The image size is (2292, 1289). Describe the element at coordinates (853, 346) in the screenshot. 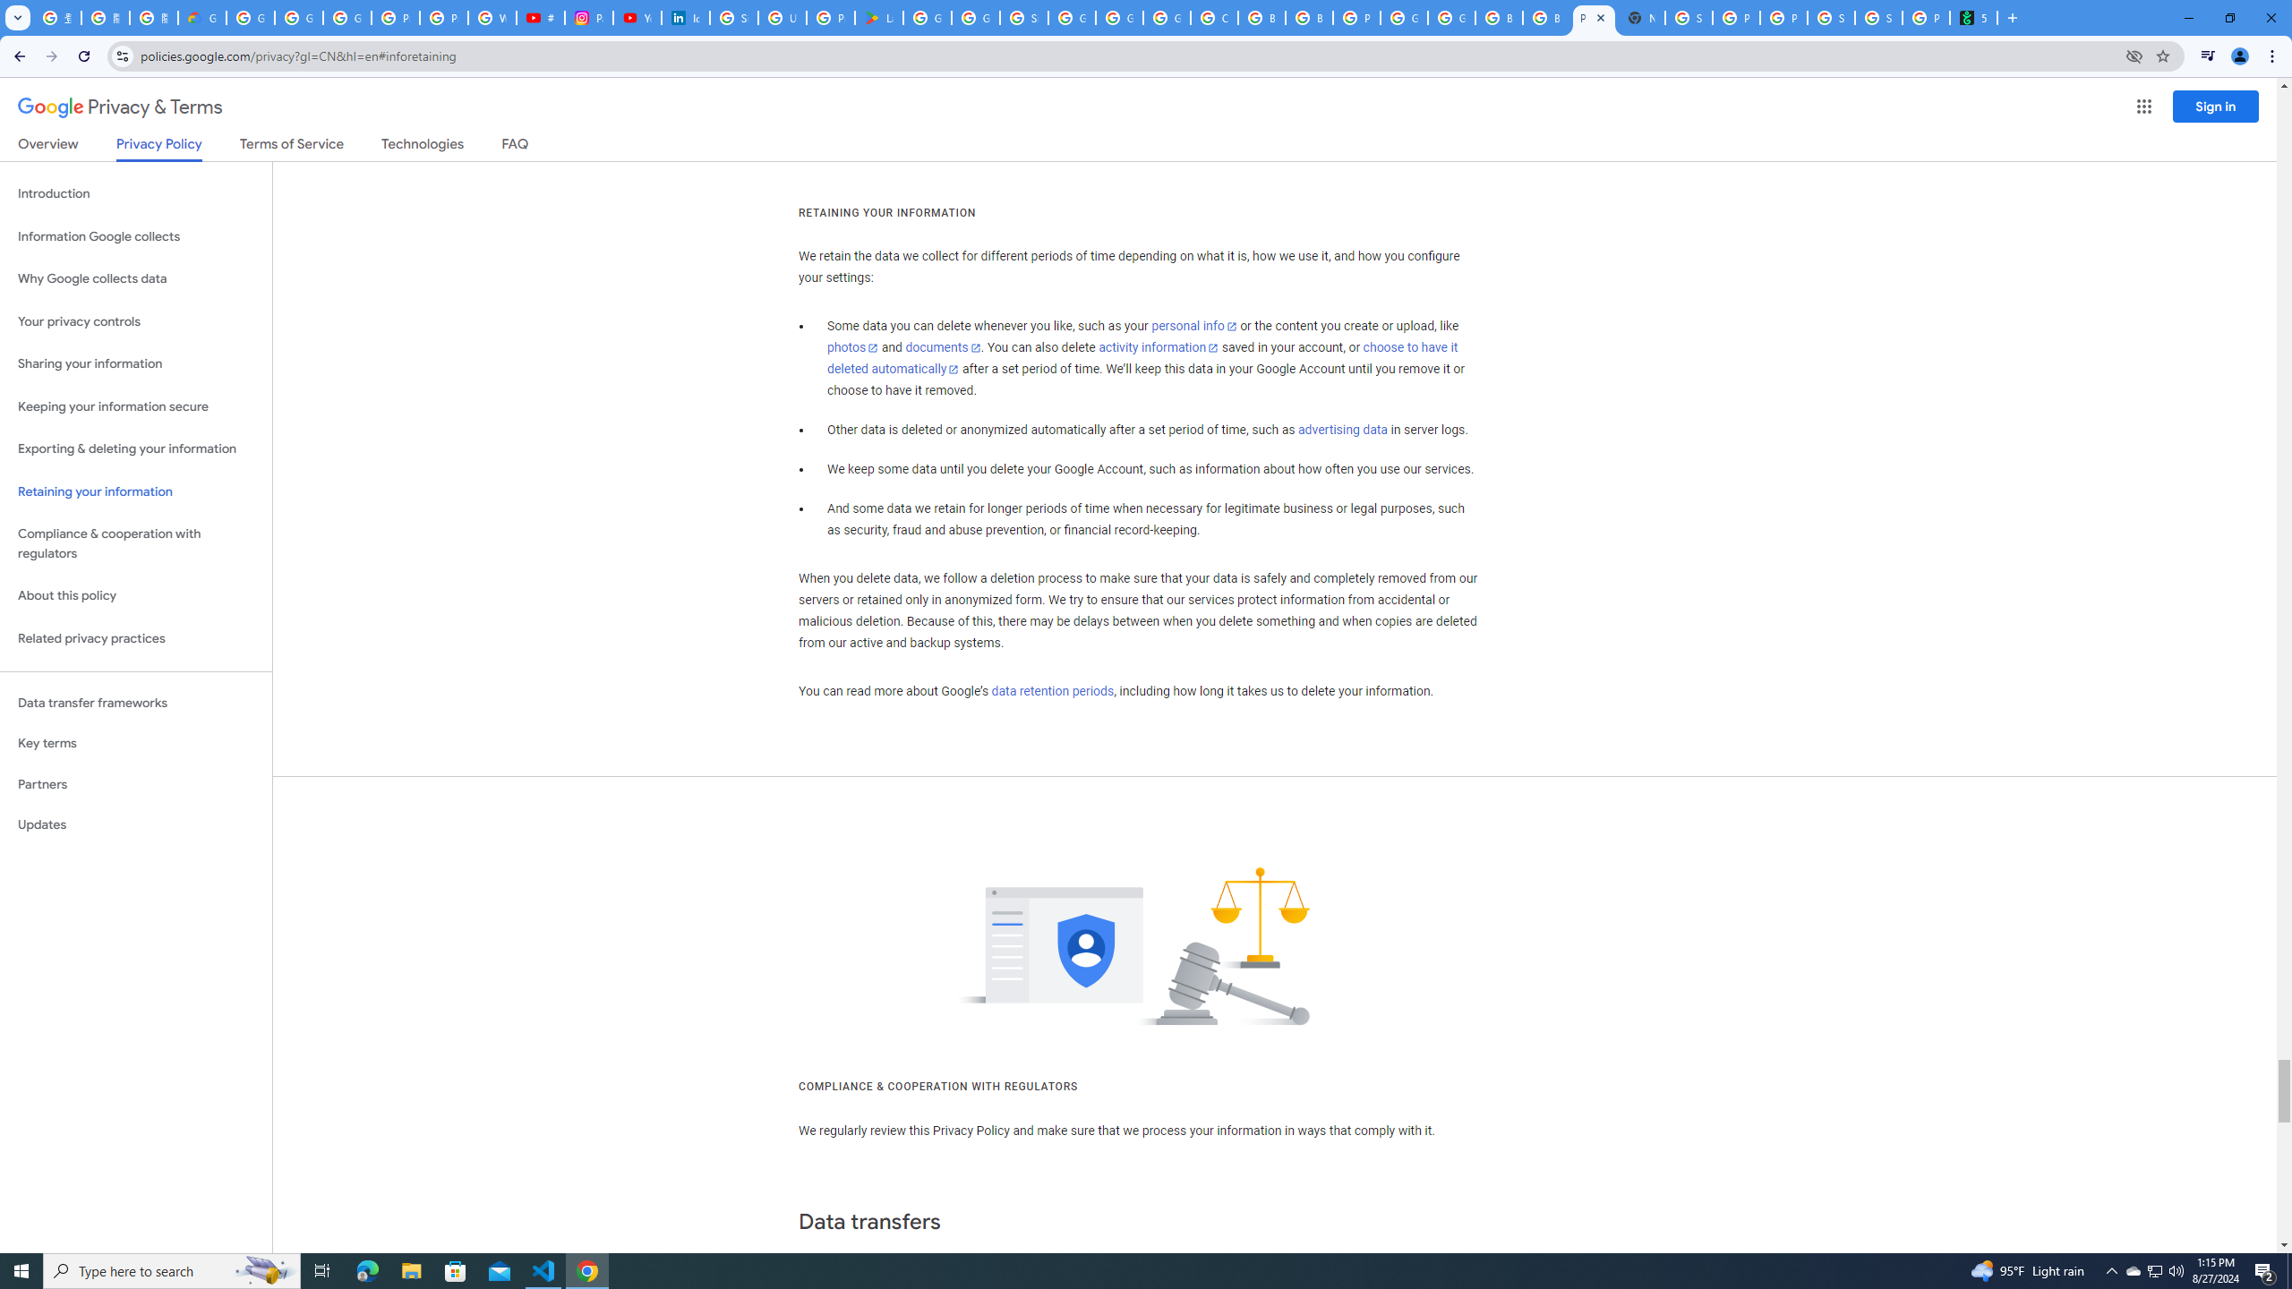

I see `'photos'` at that location.